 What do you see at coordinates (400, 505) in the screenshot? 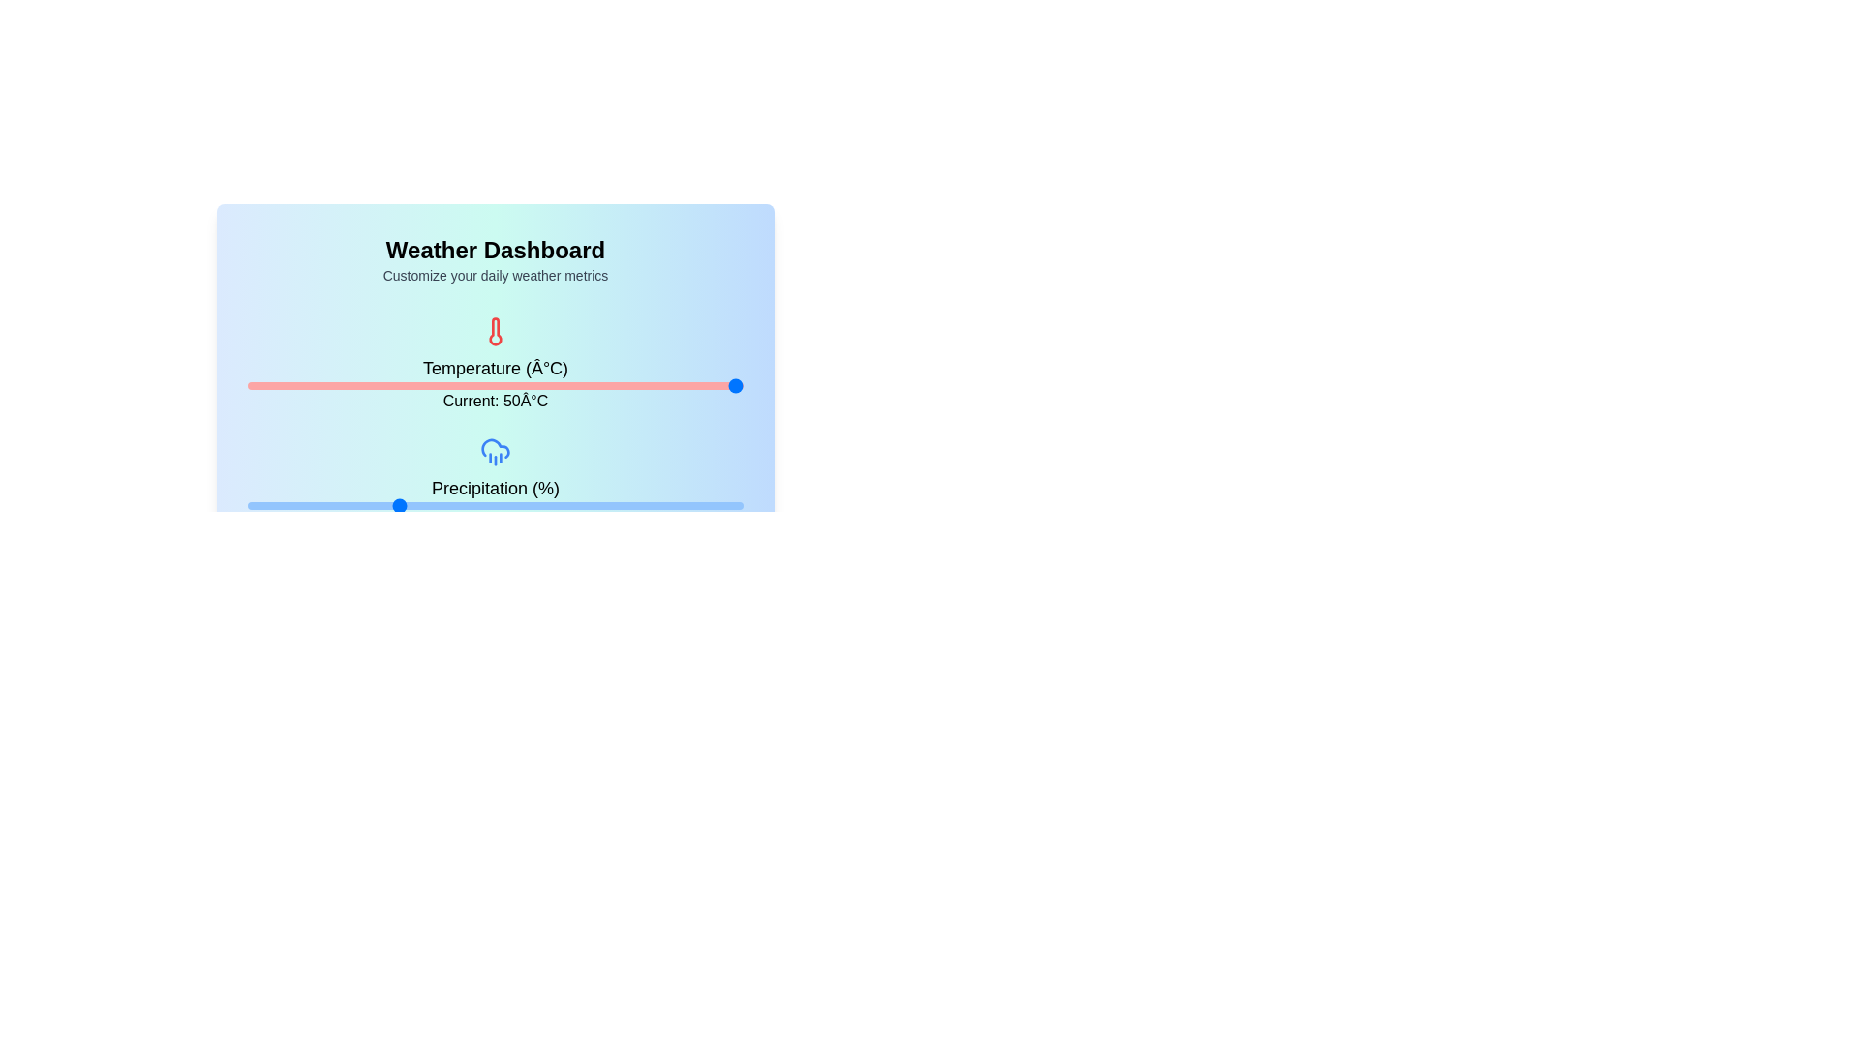
I see `precipitation` at bounding box center [400, 505].